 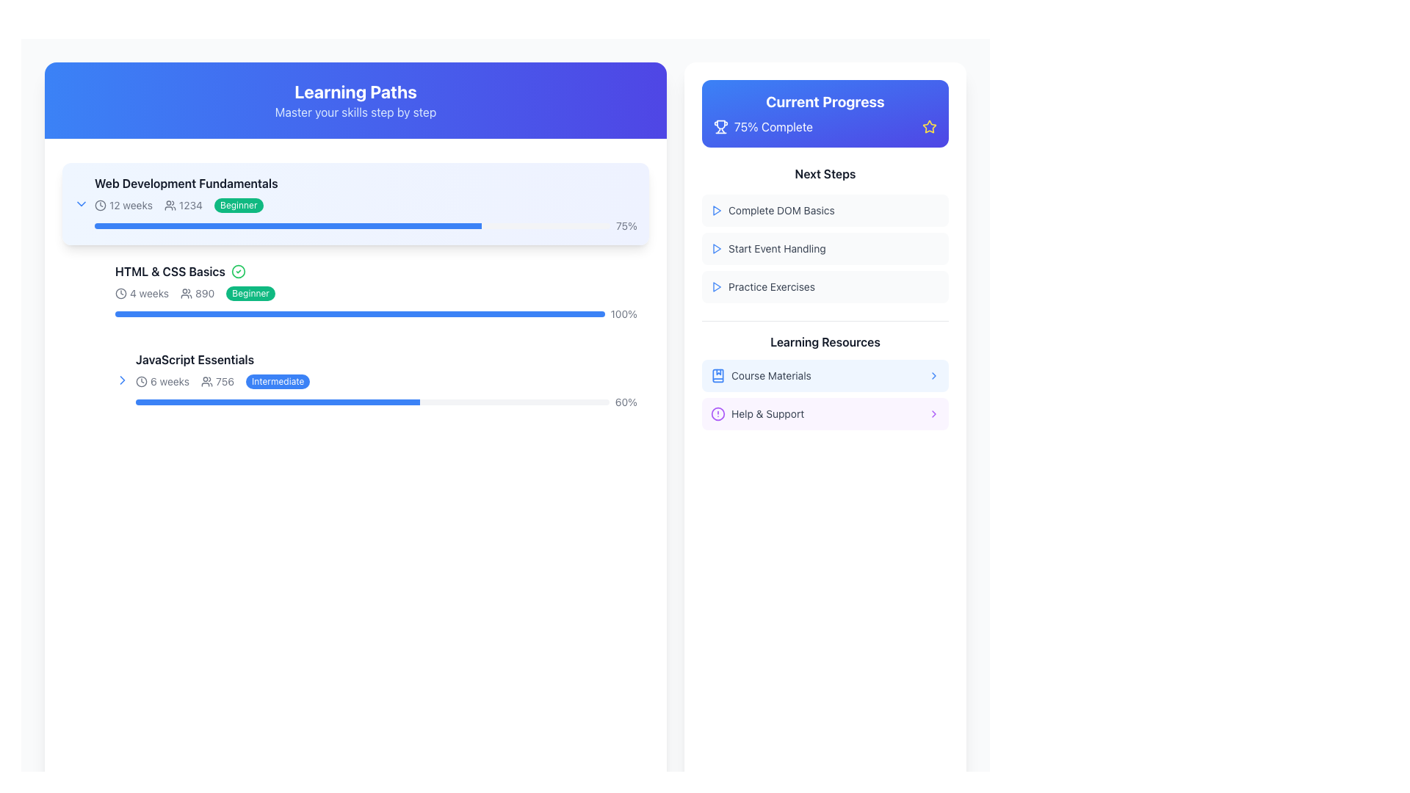 What do you see at coordinates (716, 286) in the screenshot?
I see `the Play button icon located to the left of the 'Practice Exercises' title` at bounding box center [716, 286].